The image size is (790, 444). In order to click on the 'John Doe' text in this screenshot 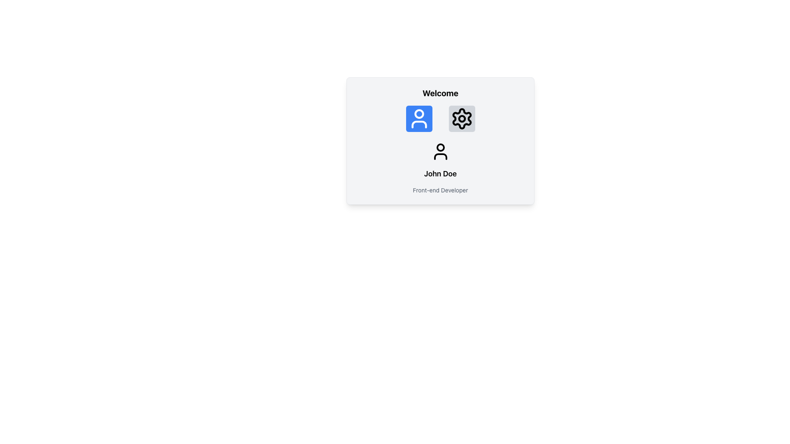, I will do `click(440, 167)`.